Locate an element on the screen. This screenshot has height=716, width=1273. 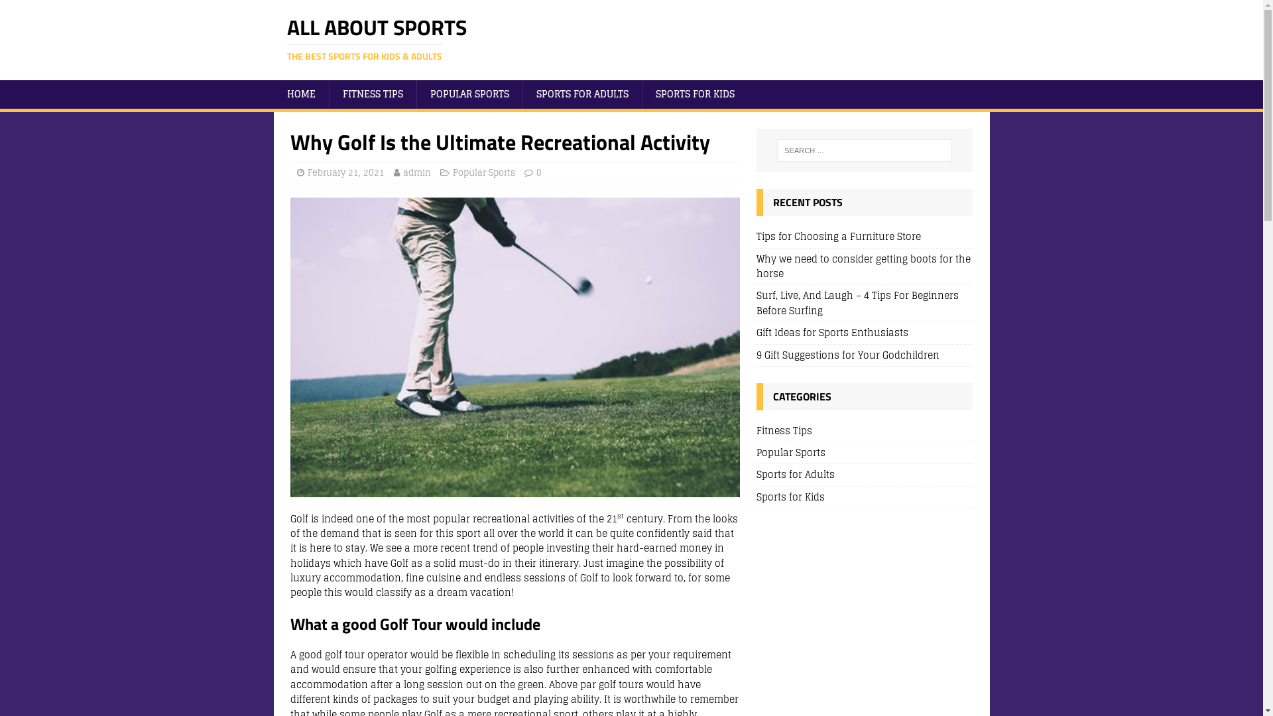
'ALL ABOUT SPORTS is located at coordinates (630, 40).